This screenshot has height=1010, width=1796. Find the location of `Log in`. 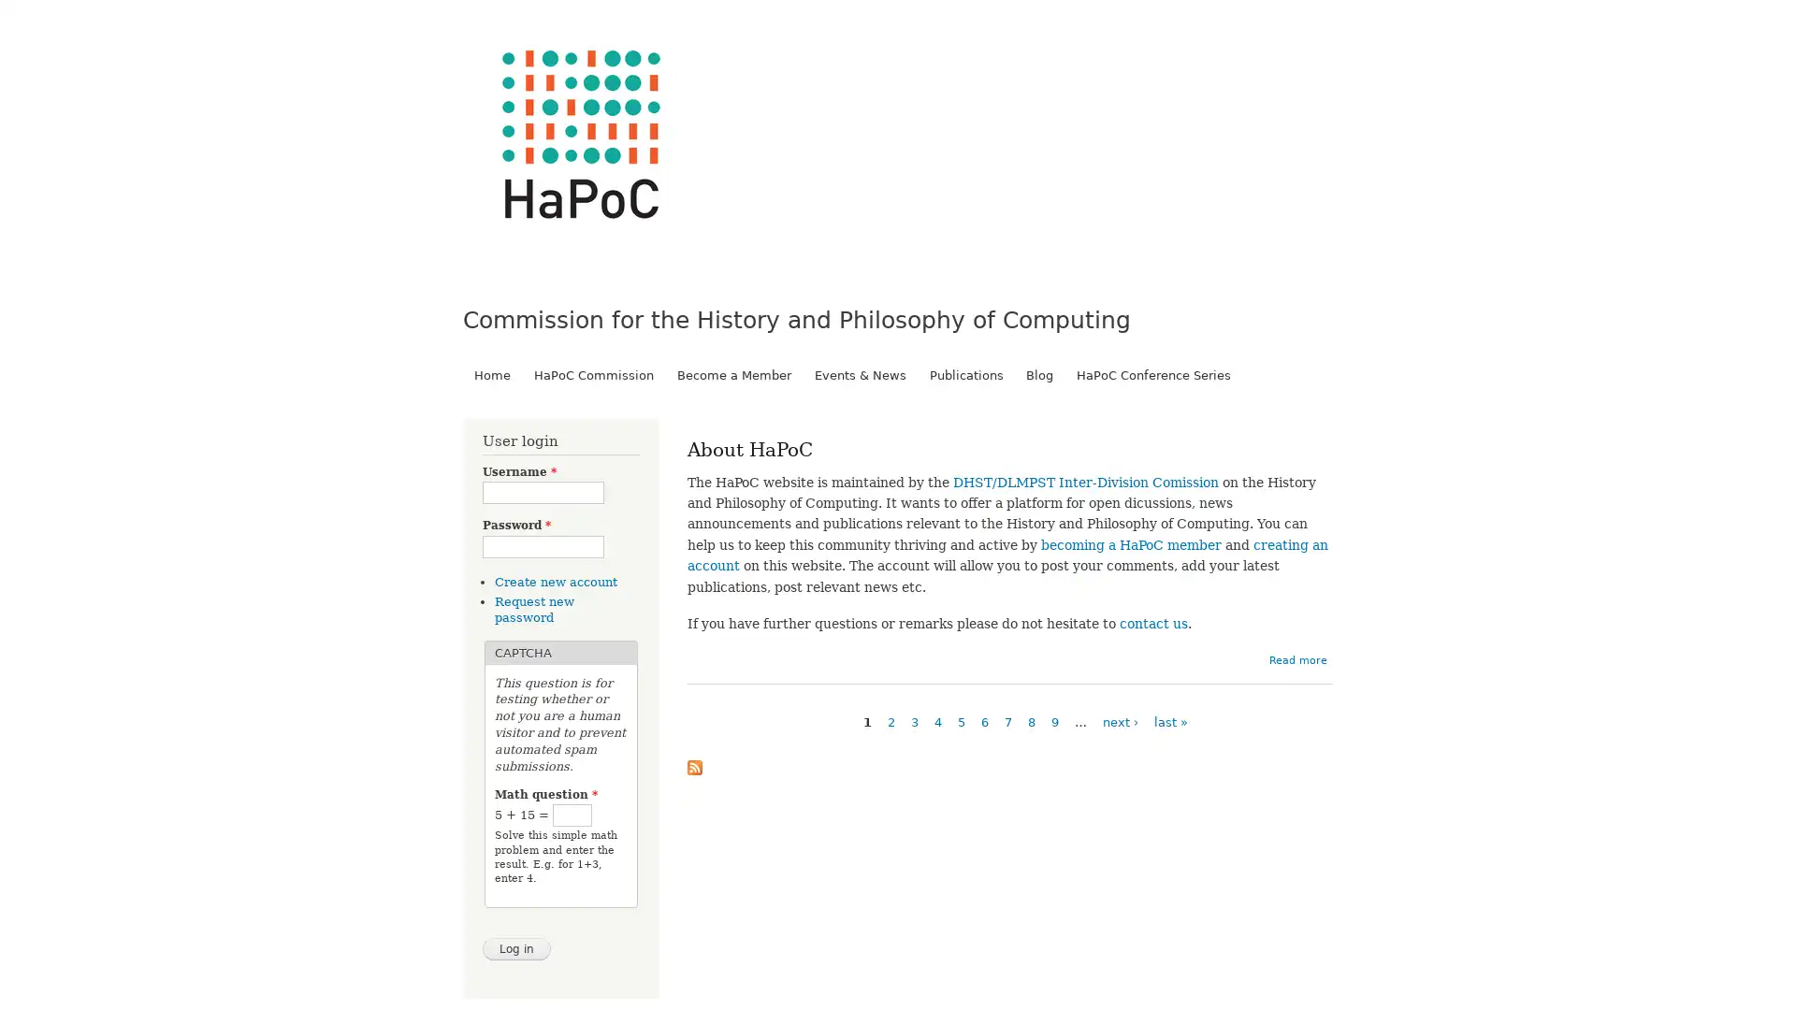

Log in is located at coordinates (516, 948).